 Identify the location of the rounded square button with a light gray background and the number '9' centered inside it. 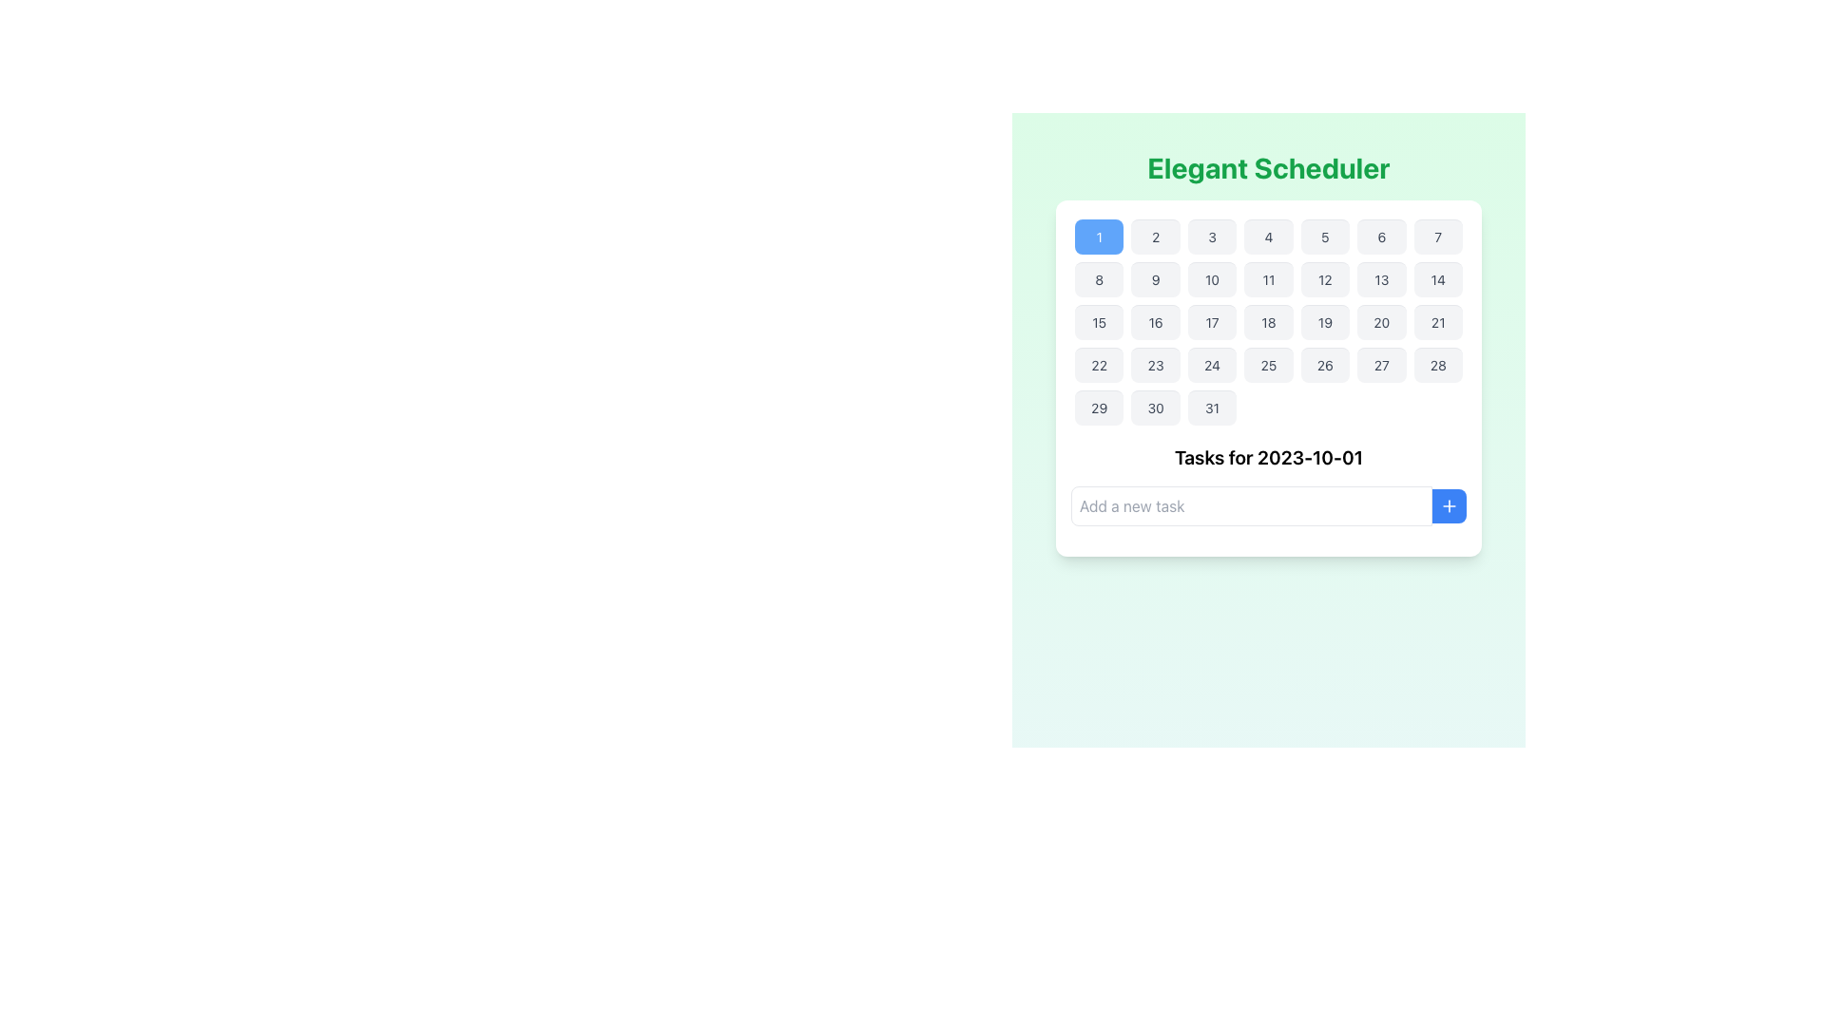
(1155, 279).